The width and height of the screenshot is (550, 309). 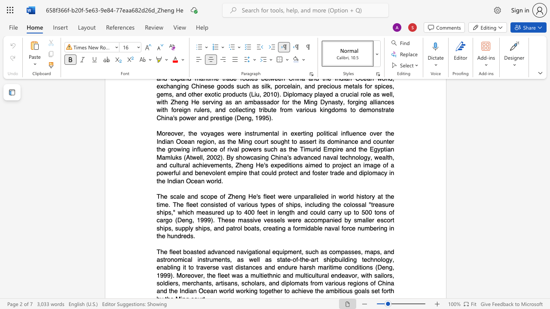 What do you see at coordinates (310, 259) in the screenshot?
I see `the subset text "art" within the text "state-of-the-art"` at bounding box center [310, 259].